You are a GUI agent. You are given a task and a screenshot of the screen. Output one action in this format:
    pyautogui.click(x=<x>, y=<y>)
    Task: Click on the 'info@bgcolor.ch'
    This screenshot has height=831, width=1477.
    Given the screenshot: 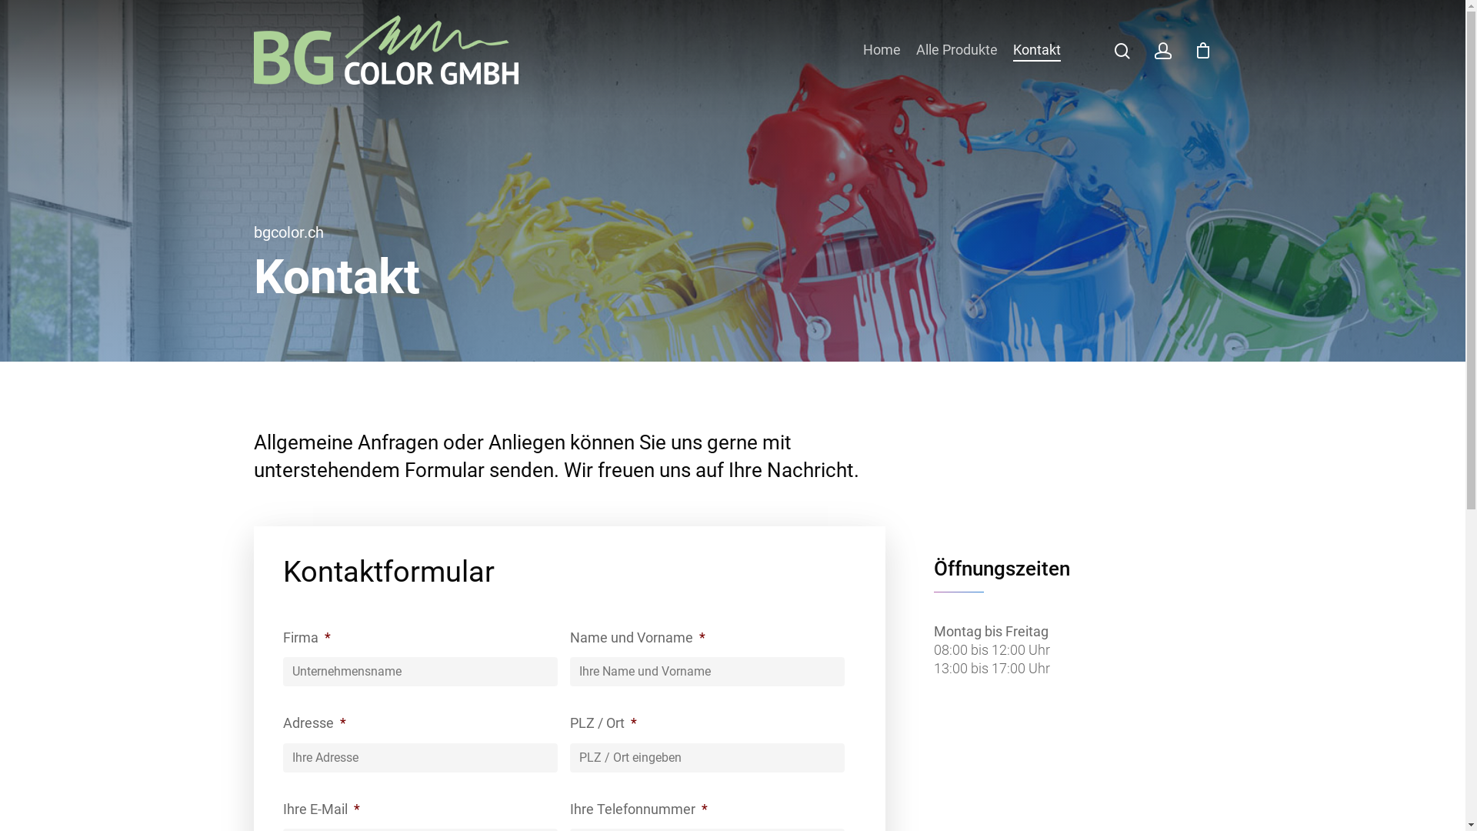 What is the action you would take?
    pyautogui.click(x=672, y=658)
    